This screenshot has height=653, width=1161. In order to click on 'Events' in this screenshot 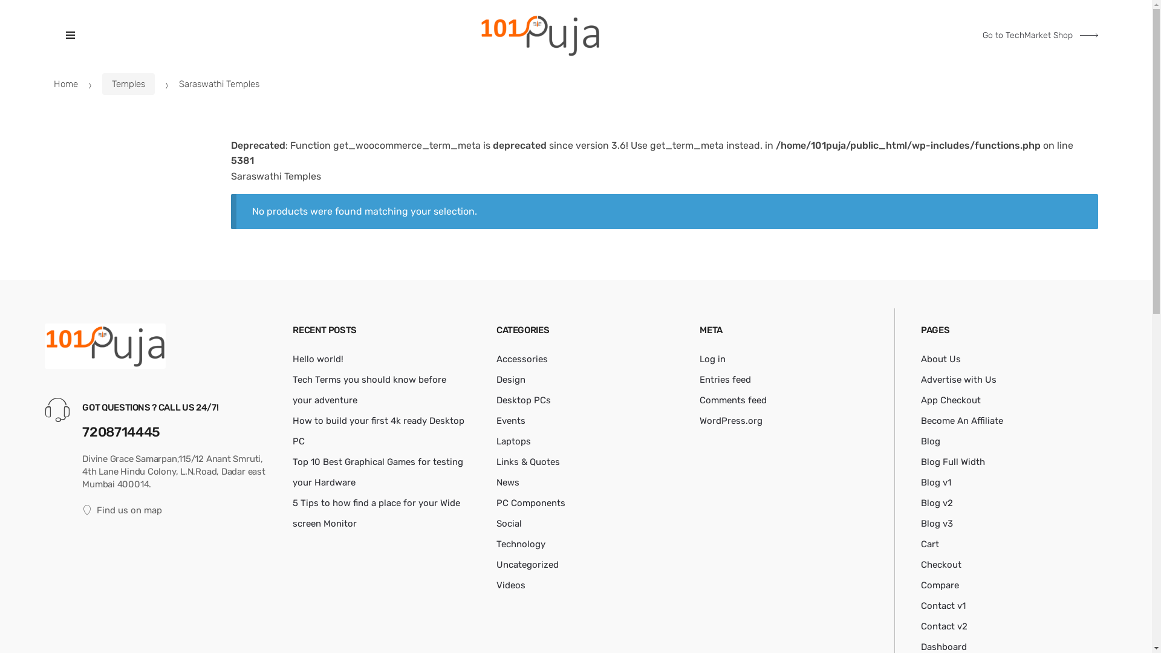, I will do `click(510, 420)`.